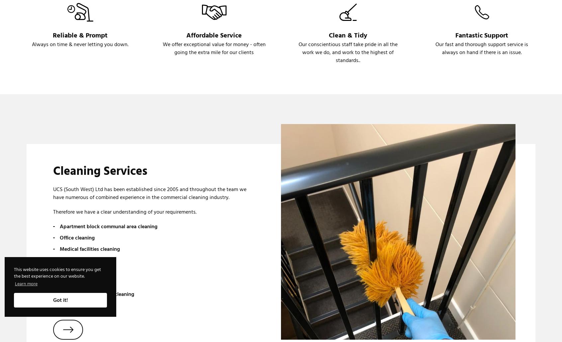 The width and height of the screenshot is (562, 342). What do you see at coordinates (26, 284) in the screenshot?
I see `'Learn more'` at bounding box center [26, 284].